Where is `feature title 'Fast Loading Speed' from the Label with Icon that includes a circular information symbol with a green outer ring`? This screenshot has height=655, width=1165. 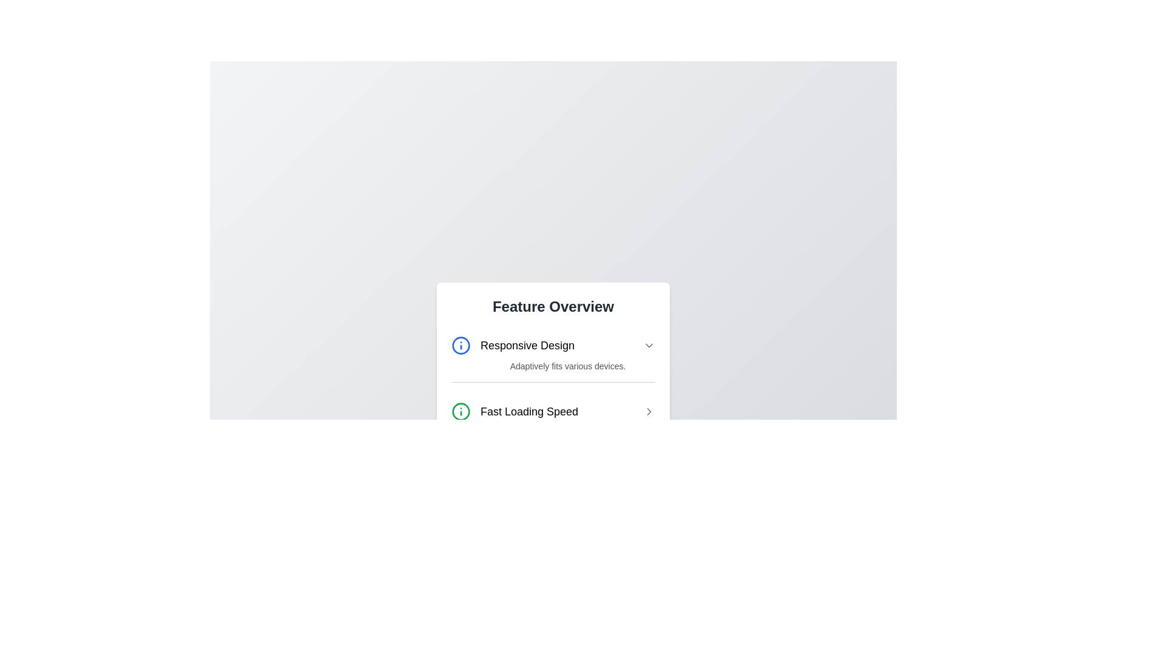
feature title 'Fast Loading Speed' from the Label with Icon that includes a circular information symbol with a green outer ring is located at coordinates (515, 411).